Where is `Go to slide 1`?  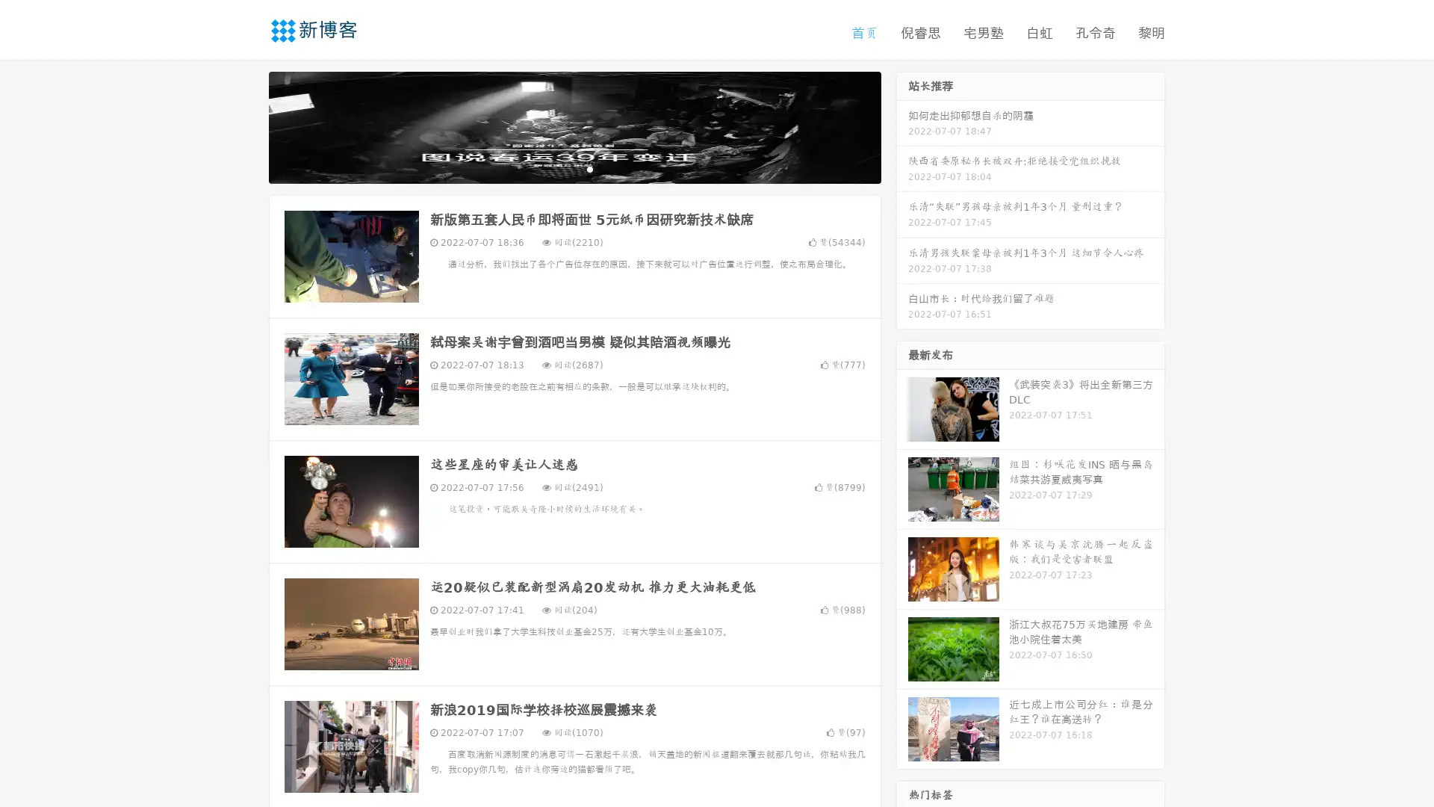 Go to slide 1 is located at coordinates (559, 168).